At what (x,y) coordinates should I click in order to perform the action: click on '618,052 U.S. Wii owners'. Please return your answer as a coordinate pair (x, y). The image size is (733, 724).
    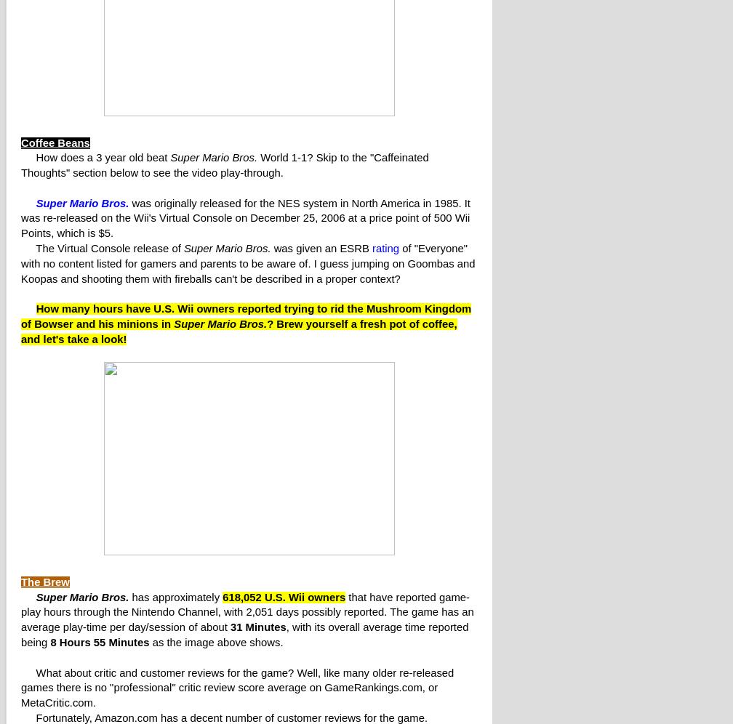
    Looking at the image, I should click on (284, 596).